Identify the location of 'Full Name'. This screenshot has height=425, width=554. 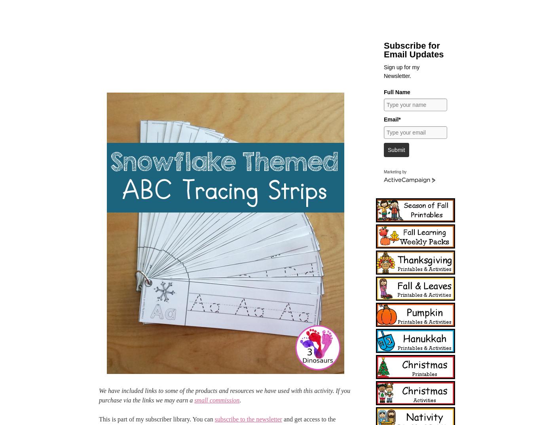
(397, 91).